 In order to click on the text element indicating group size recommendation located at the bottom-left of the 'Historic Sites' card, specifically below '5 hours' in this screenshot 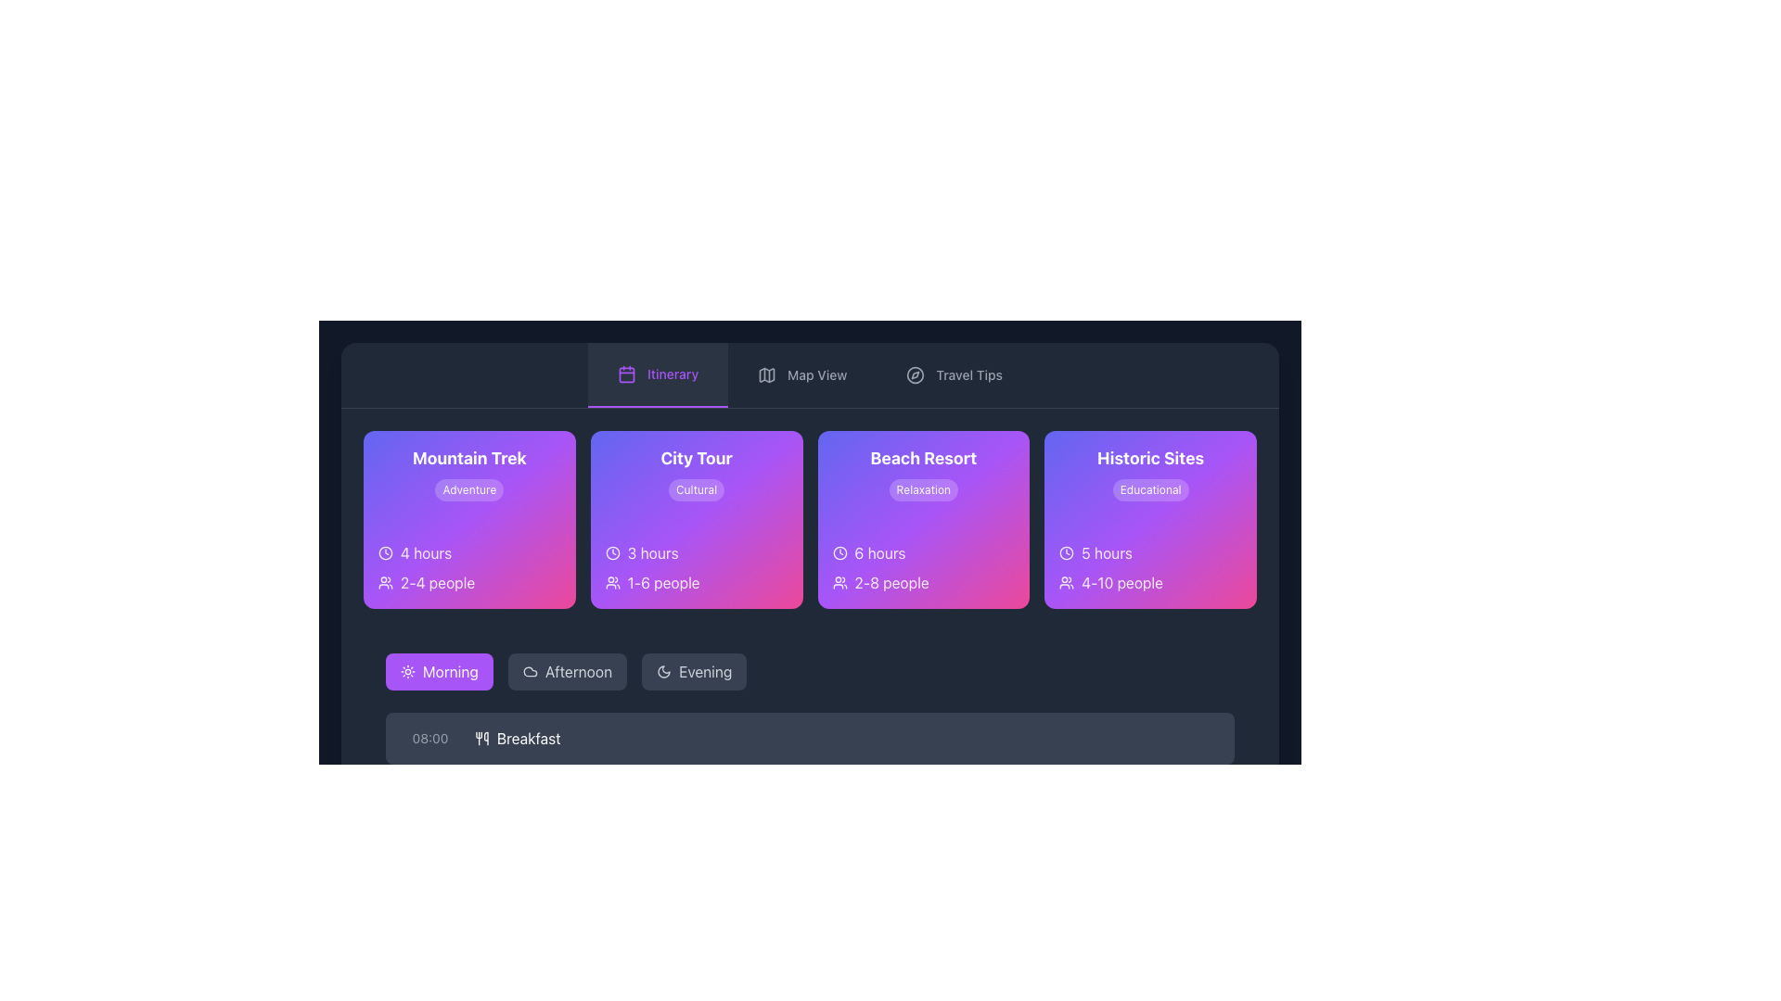, I will do `click(1149, 581)`.